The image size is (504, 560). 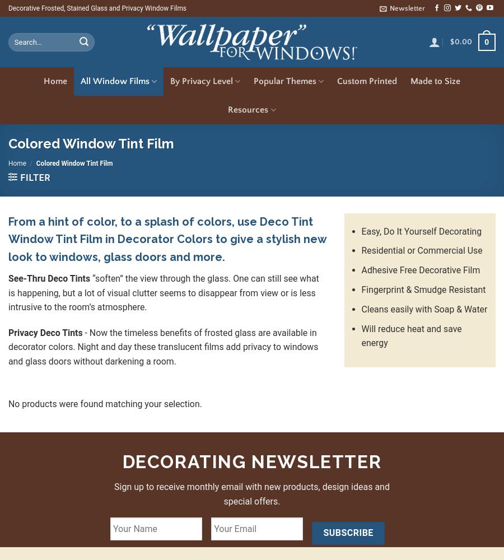 What do you see at coordinates (30, 164) in the screenshot?
I see `'/'` at bounding box center [30, 164].